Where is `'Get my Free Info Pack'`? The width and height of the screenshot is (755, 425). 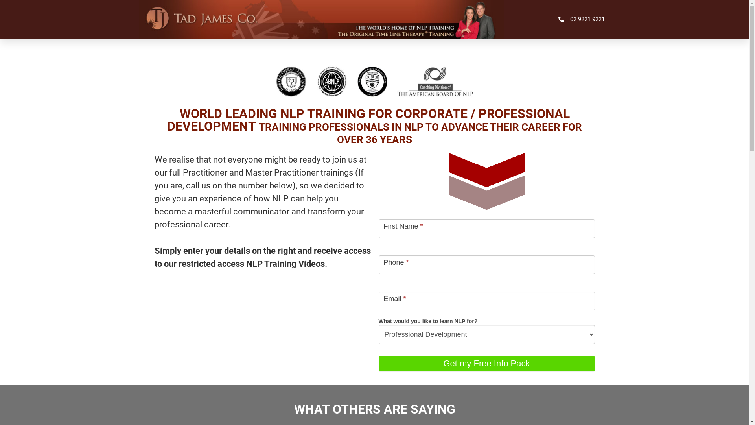 'Get my Free Info Pack' is located at coordinates (486, 364).